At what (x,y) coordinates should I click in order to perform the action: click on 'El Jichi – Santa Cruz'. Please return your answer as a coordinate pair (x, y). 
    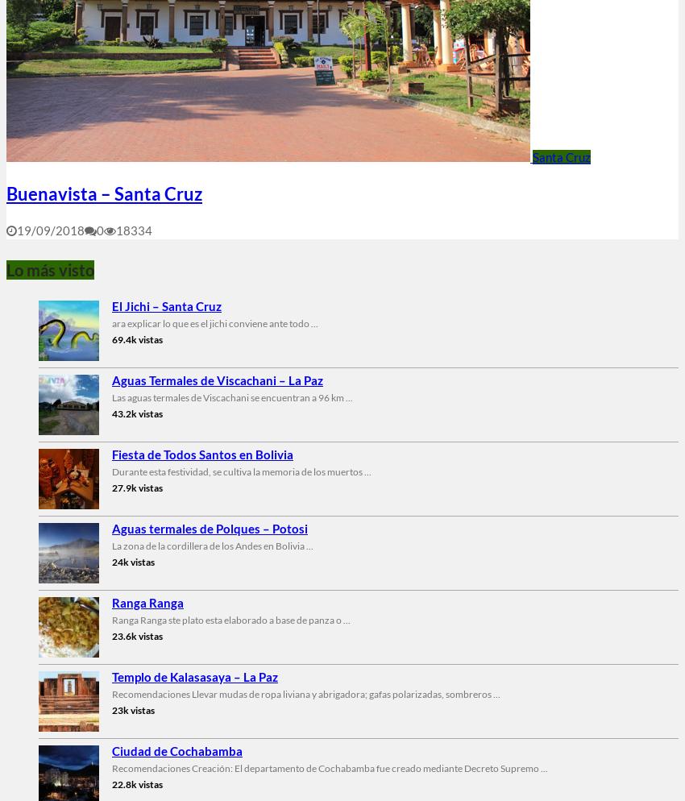
    Looking at the image, I should click on (165, 305).